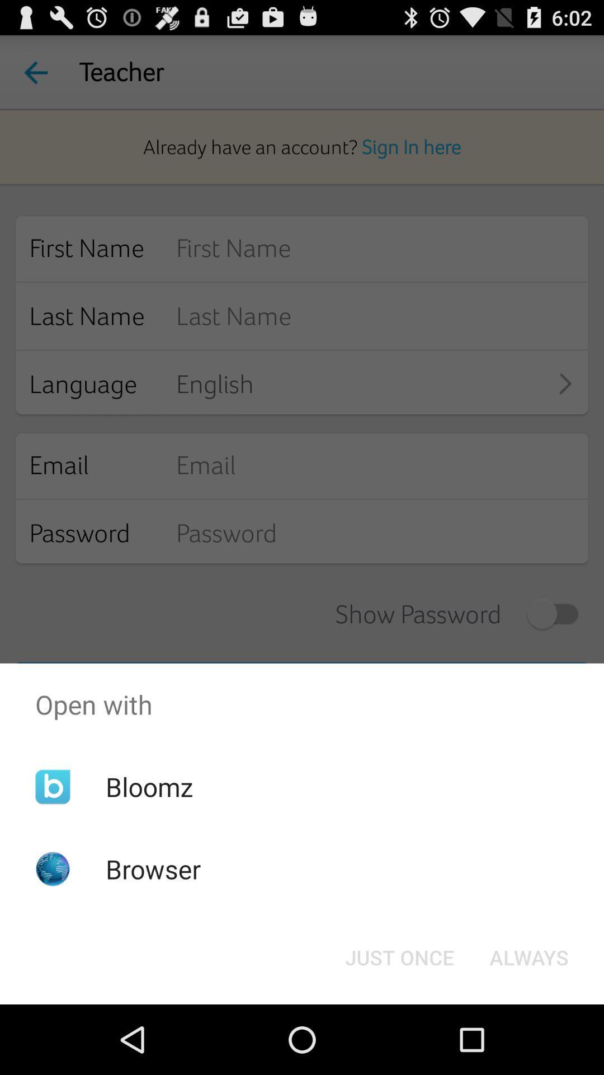  I want to click on the browser app, so click(153, 868).